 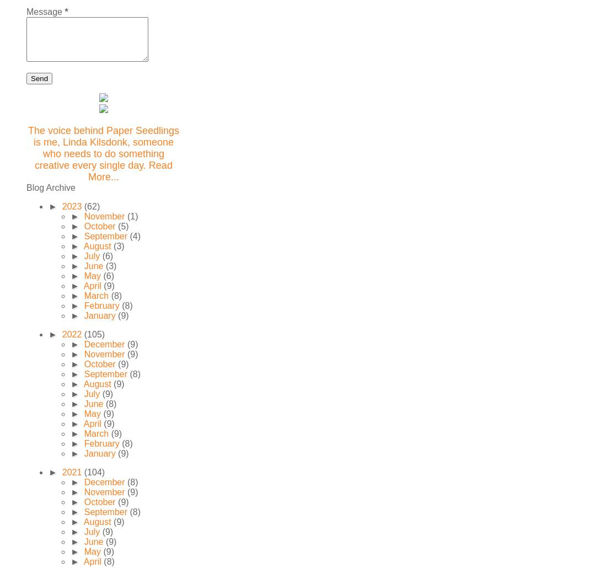 I want to click on '2023', so click(x=72, y=206).